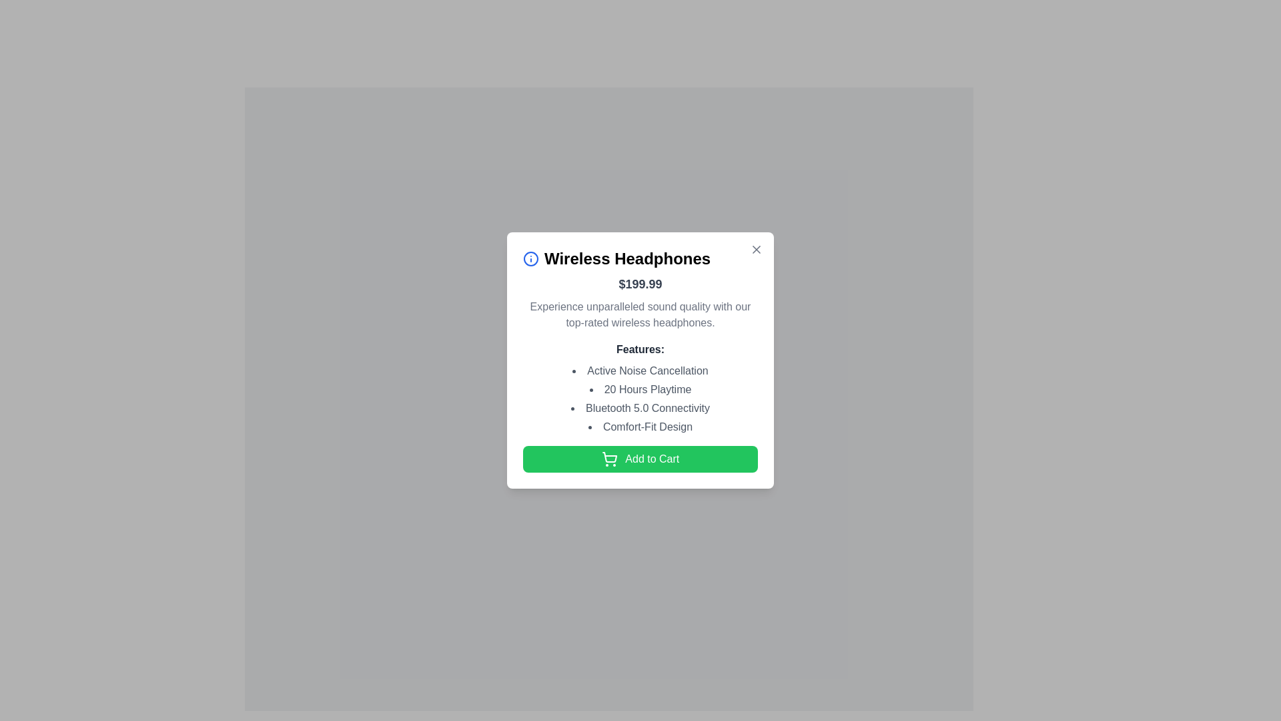 The width and height of the screenshot is (1281, 721). I want to click on the price display element showing '$199.99', which is located below the title 'Wireless Headphones', so click(640, 282).